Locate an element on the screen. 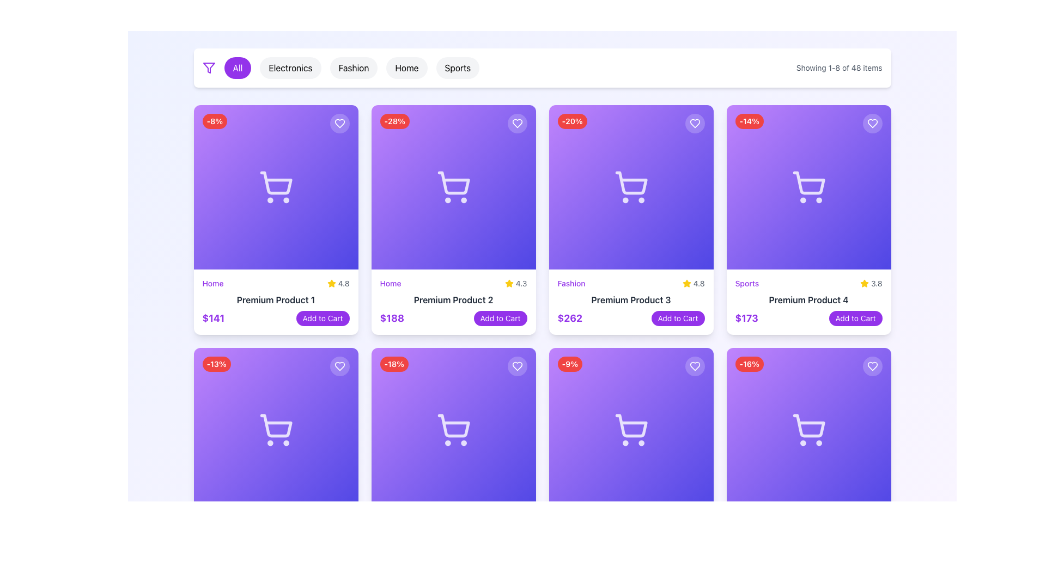  the second button from the left in the horizontal row of category filter buttons to filter products by 'Electronics' is located at coordinates (290, 68).